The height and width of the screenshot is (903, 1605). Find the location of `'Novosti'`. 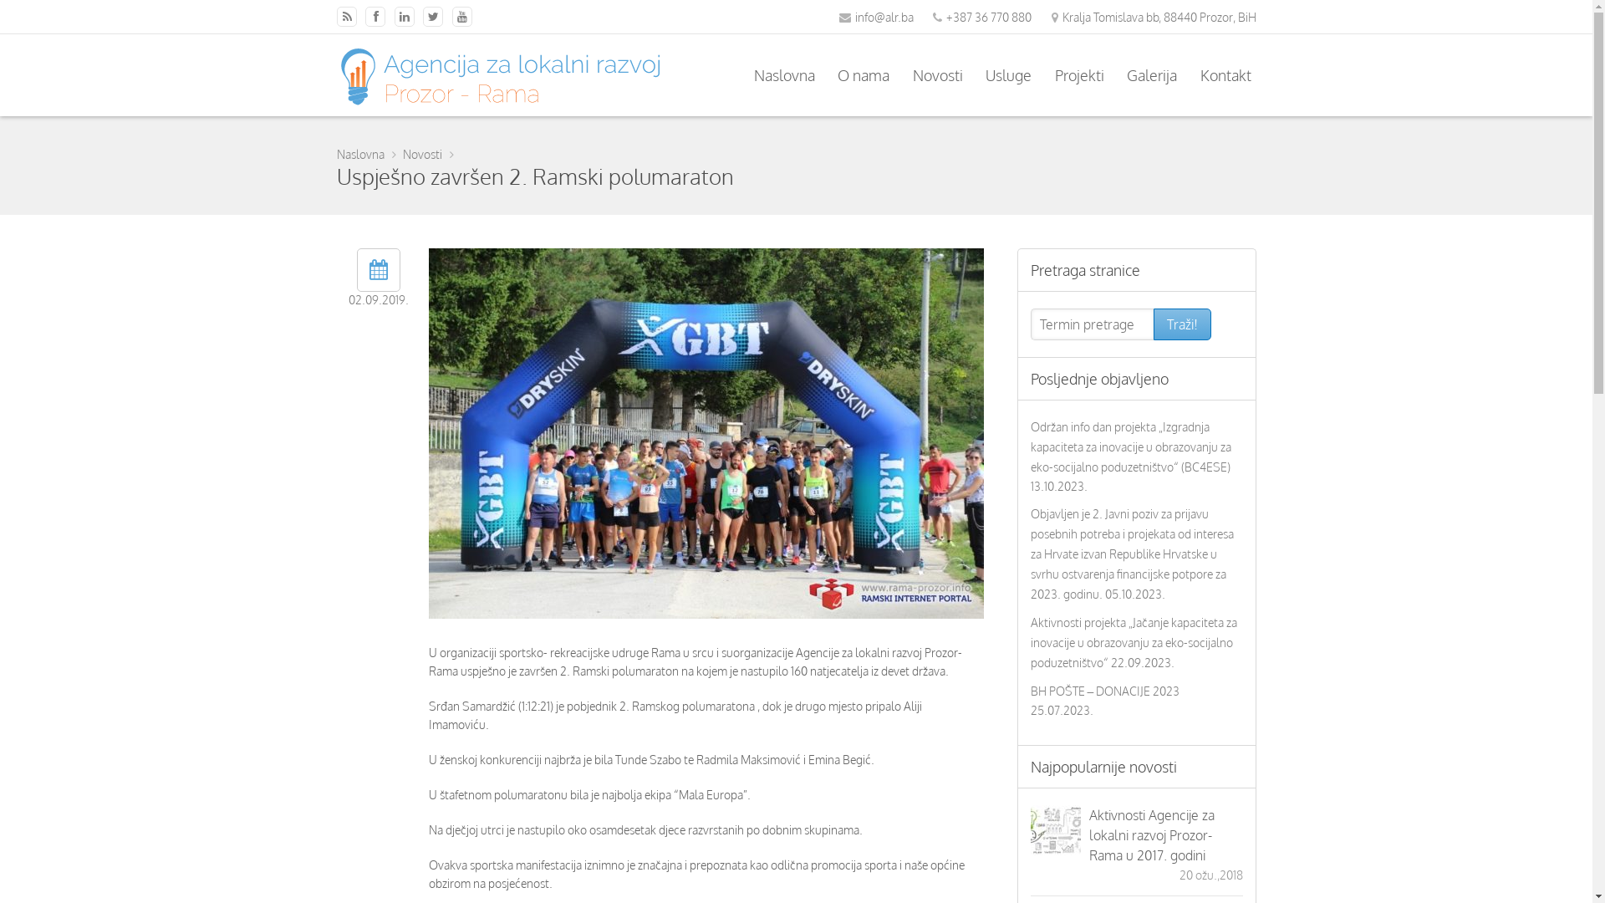

'Novosti' is located at coordinates (425, 155).